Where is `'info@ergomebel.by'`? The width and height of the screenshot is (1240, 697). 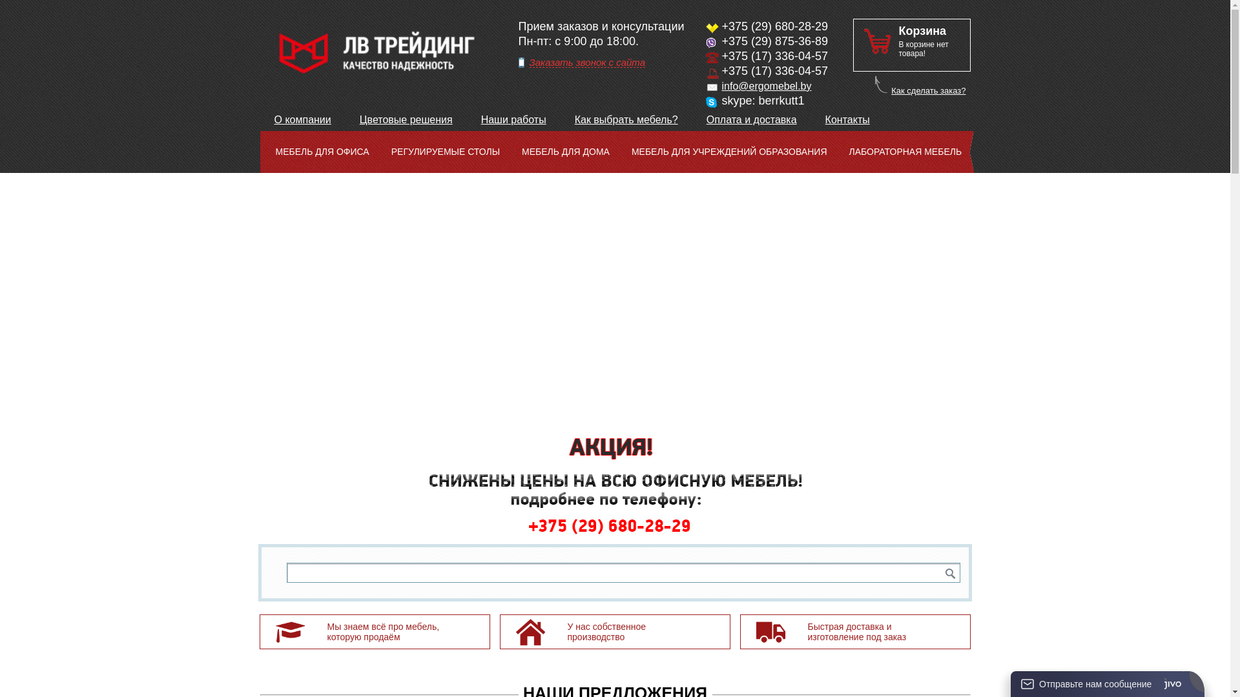
'info@ergomebel.by' is located at coordinates (721, 86).